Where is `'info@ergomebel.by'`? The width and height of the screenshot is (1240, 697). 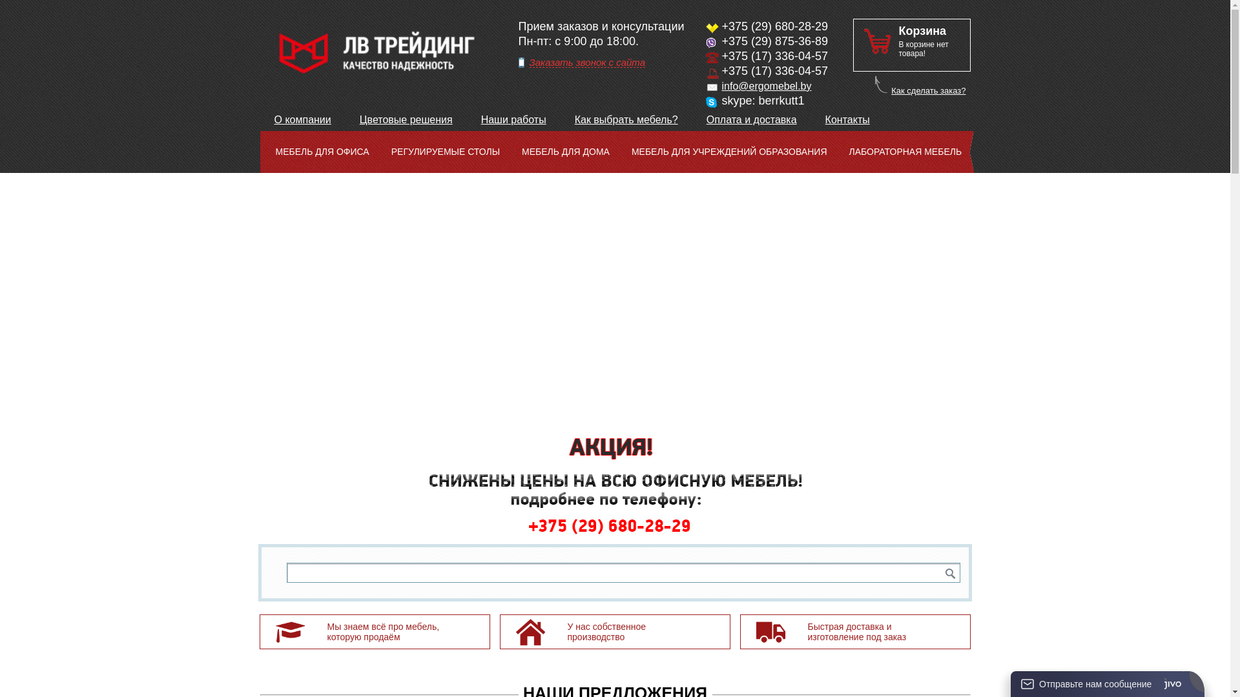
'info@ergomebel.by' is located at coordinates (721, 86).